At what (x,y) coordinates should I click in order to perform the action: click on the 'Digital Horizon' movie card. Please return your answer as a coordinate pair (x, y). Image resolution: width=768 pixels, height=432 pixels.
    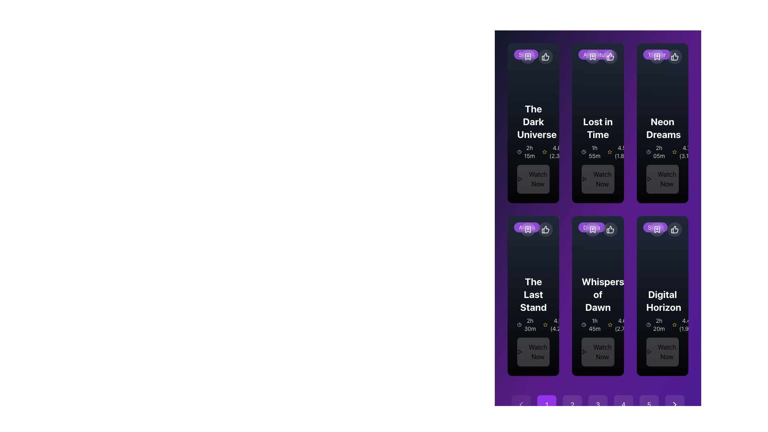
    Looking at the image, I should click on (662, 296).